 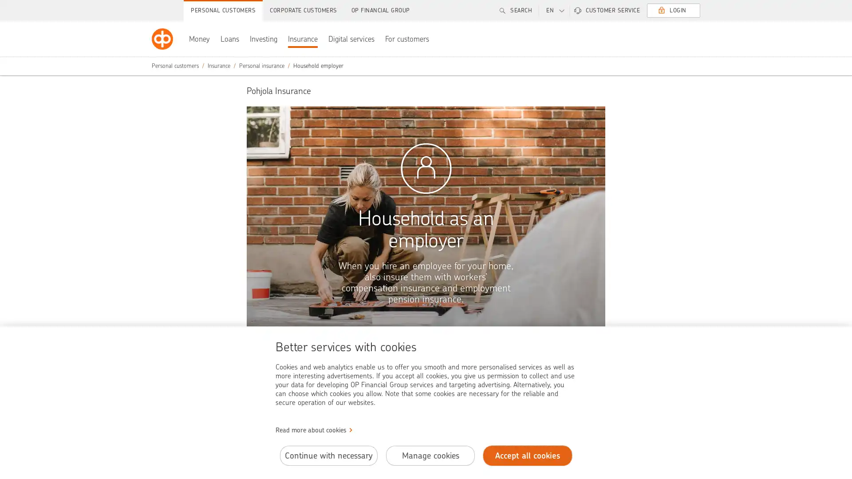 I want to click on Manage cookies., so click(x=430, y=455).